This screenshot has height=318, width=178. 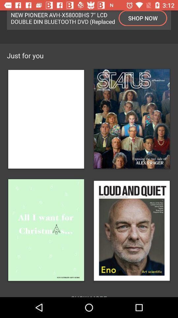 What do you see at coordinates (63, 18) in the screenshot?
I see `item next to the shop now icon` at bounding box center [63, 18].